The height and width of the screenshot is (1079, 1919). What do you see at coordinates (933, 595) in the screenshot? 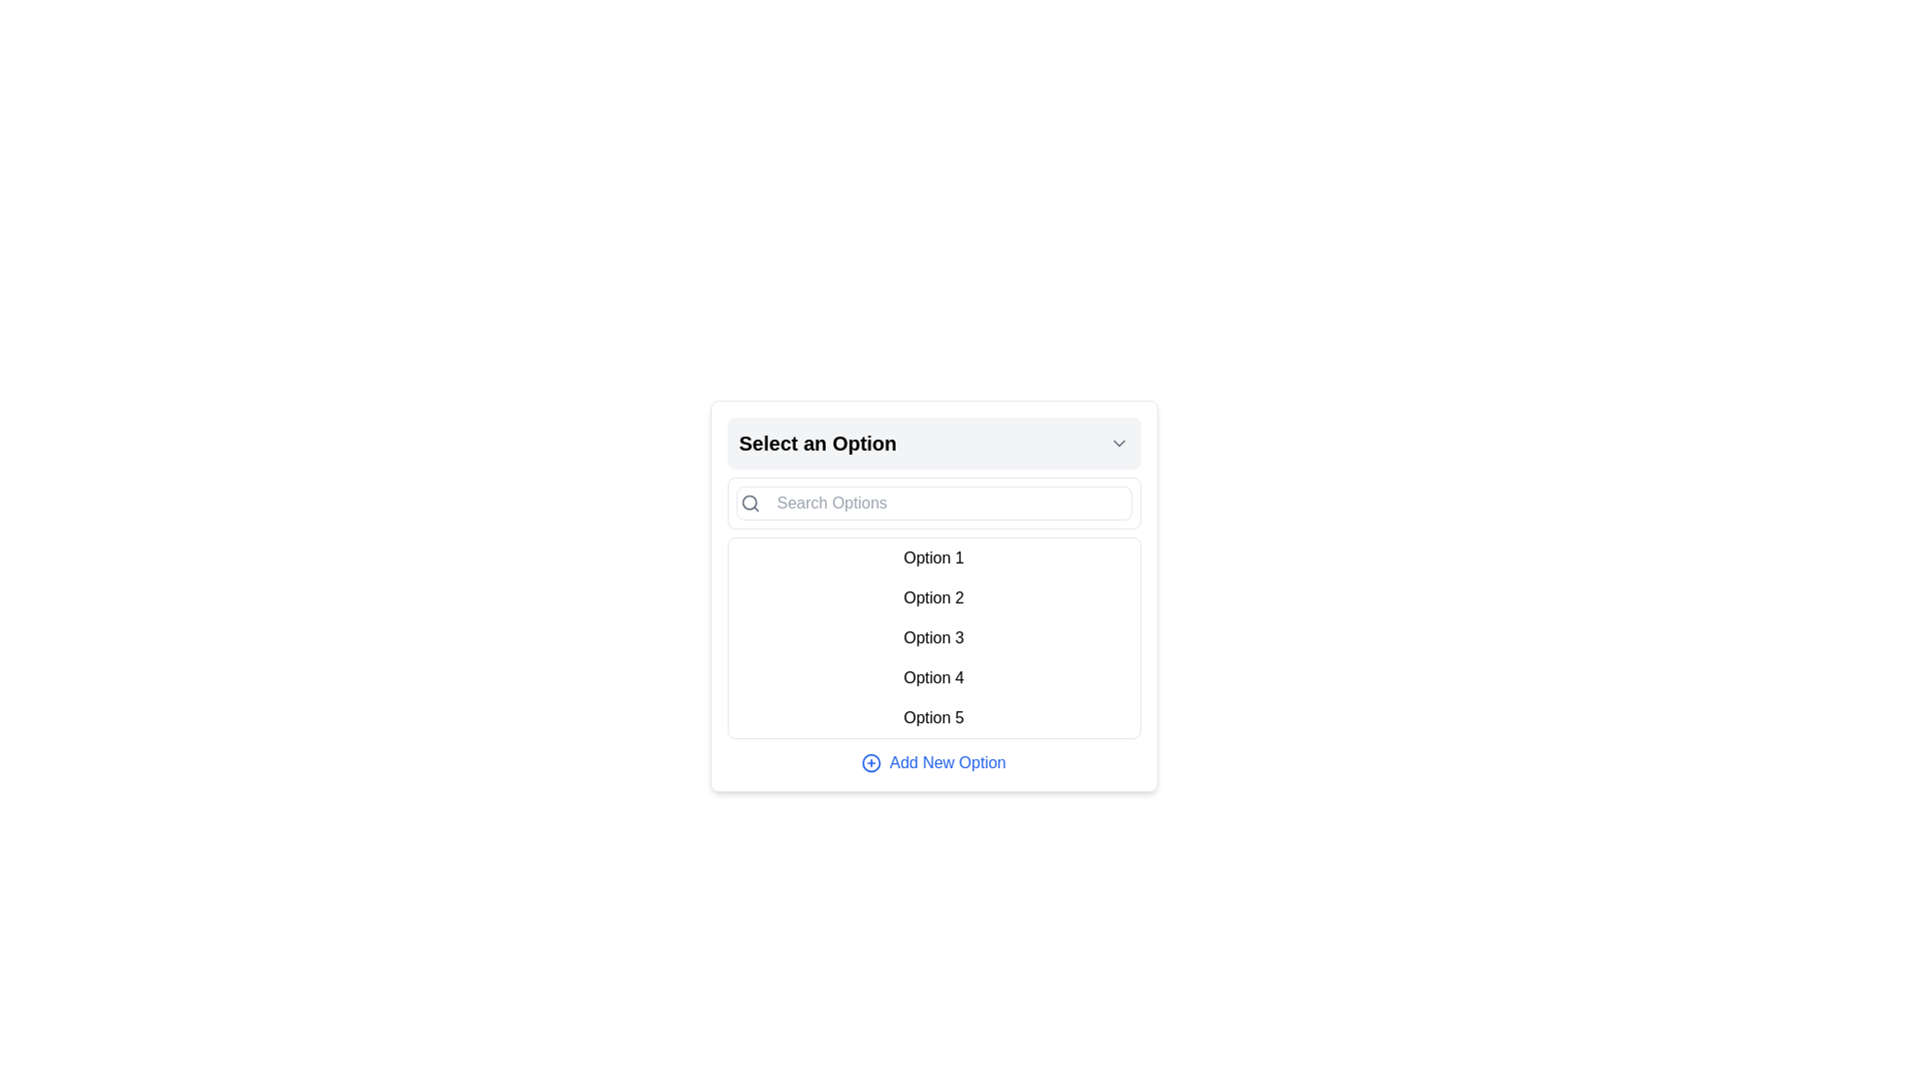
I see `the dropdown menu titled 'Select an Option'` at bounding box center [933, 595].